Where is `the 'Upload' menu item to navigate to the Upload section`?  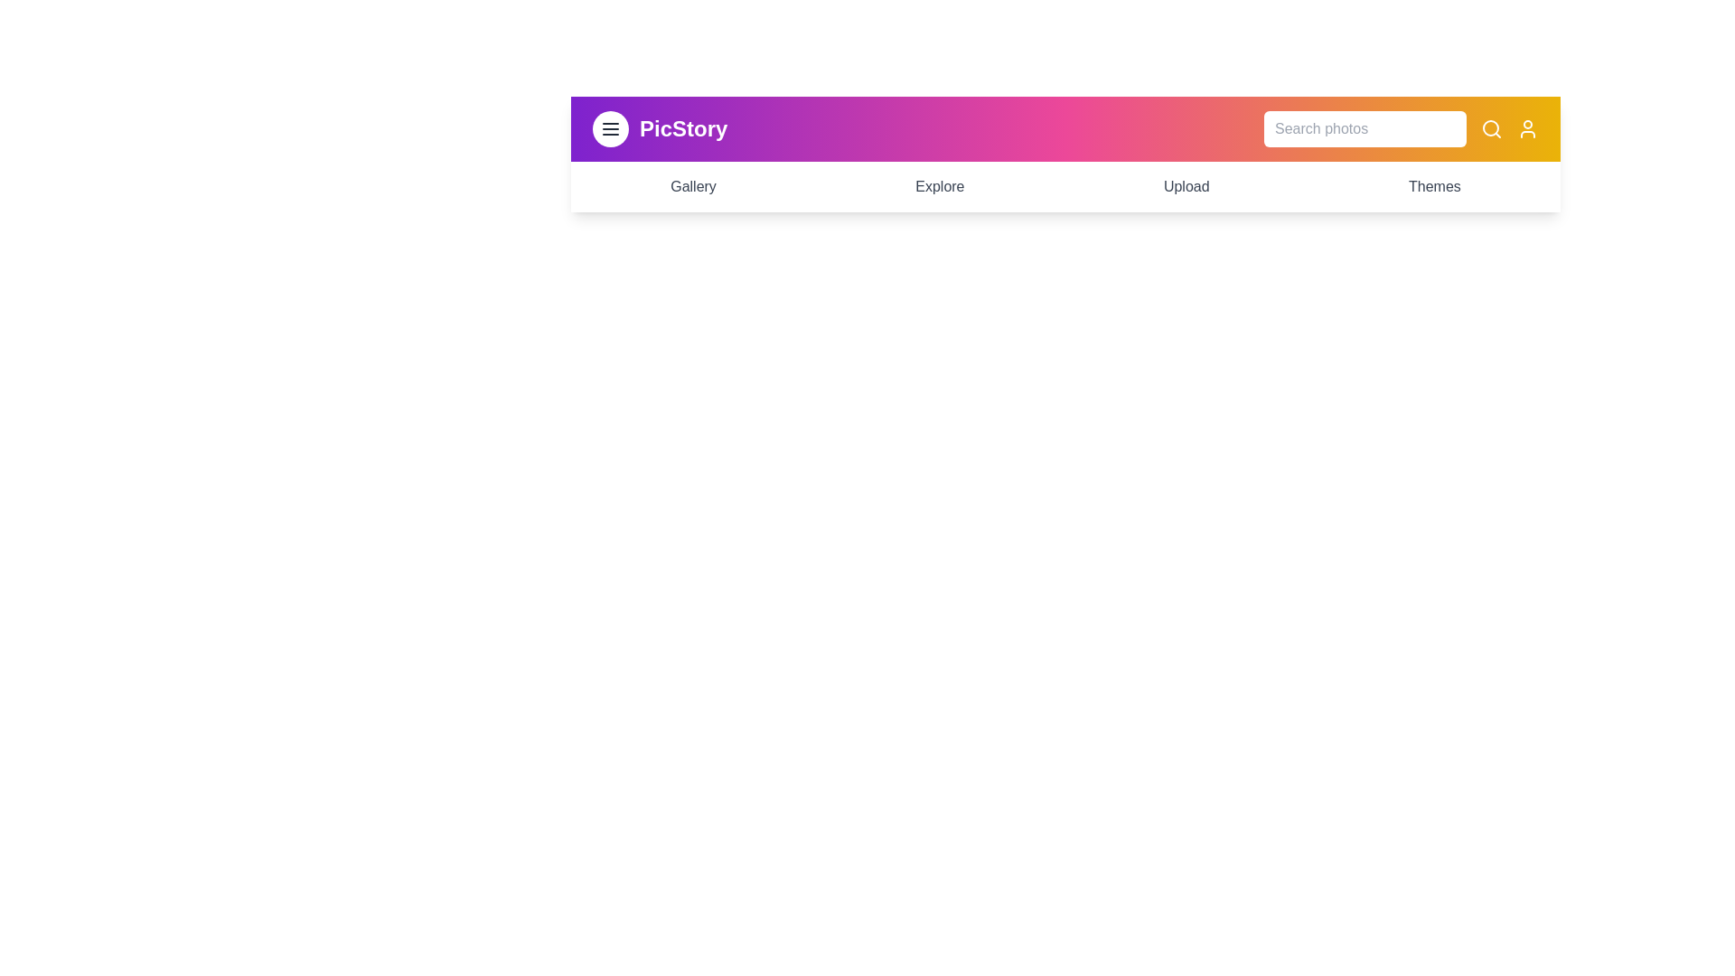
the 'Upload' menu item to navigate to the Upload section is located at coordinates (1186, 187).